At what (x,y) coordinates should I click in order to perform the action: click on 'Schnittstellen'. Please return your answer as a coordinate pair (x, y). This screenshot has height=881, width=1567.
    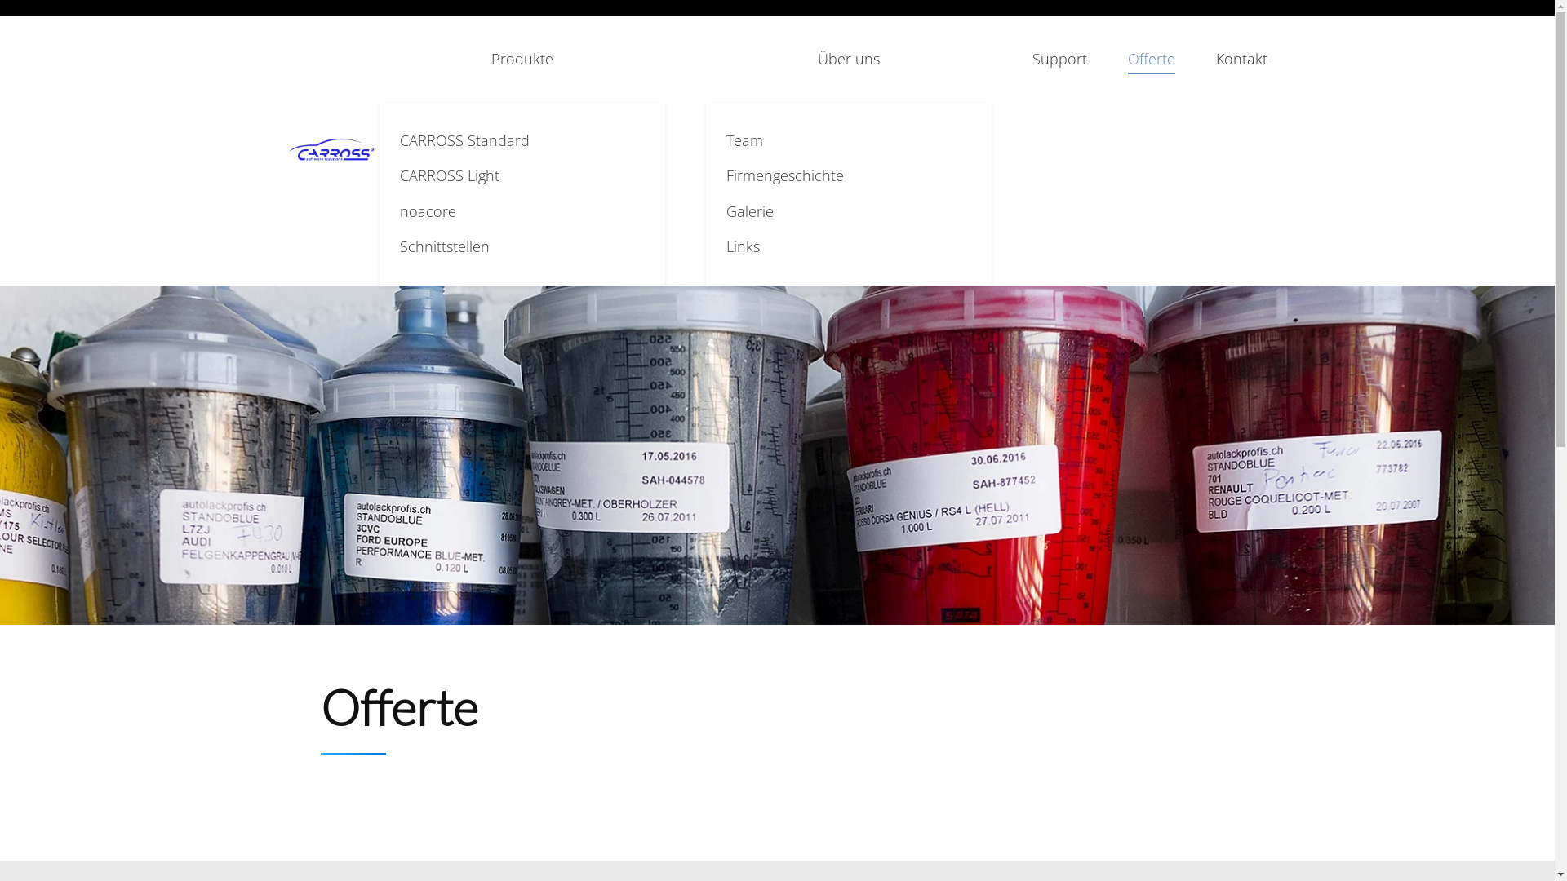
    Looking at the image, I should click on (399, 246).